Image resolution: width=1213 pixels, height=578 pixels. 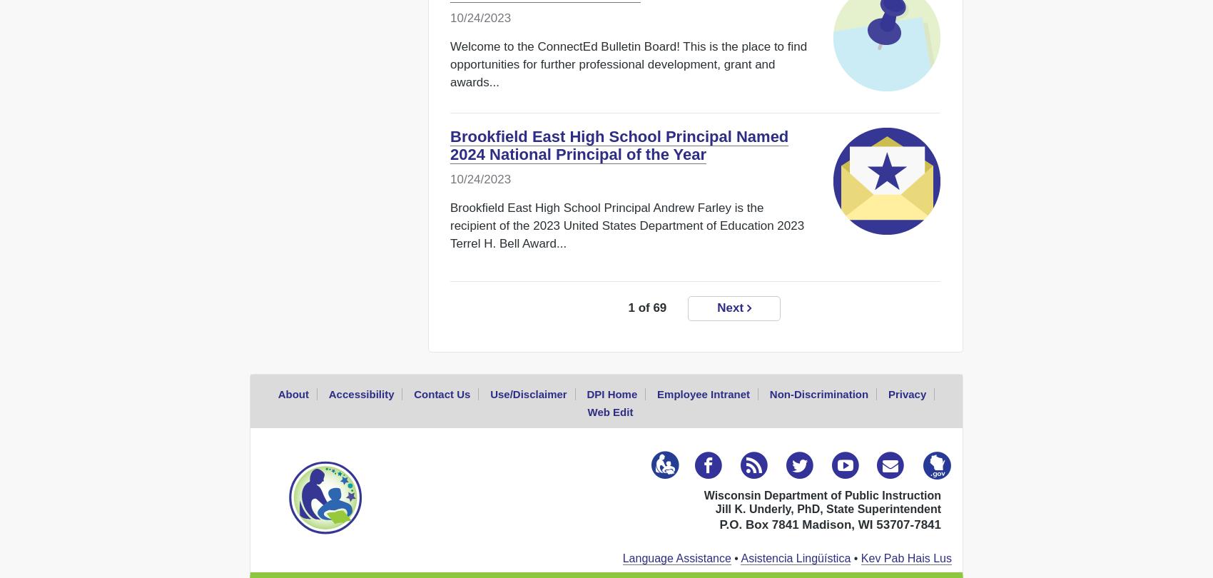 What do you see at coordinates (628, 64) in the screenshot?
I see `'Welcome to the ConnectEd Bulletin Board!

This is the place to find opportunities for further professional development, grant and awards...'` at bounding box center [628, 64].